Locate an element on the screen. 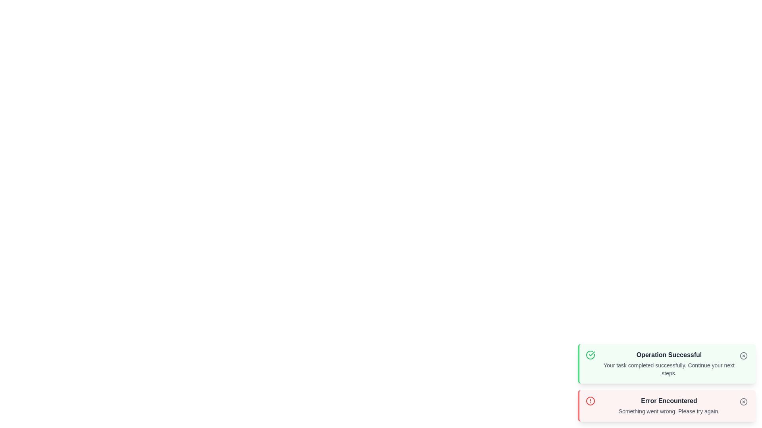 The height and width of the screenshot is (428, 762). the text label displaying 'Something went wrong. Please try again.' which is styled for error messages and located beneath the 'Error Encountered' title is located at coordinates (668, 411).